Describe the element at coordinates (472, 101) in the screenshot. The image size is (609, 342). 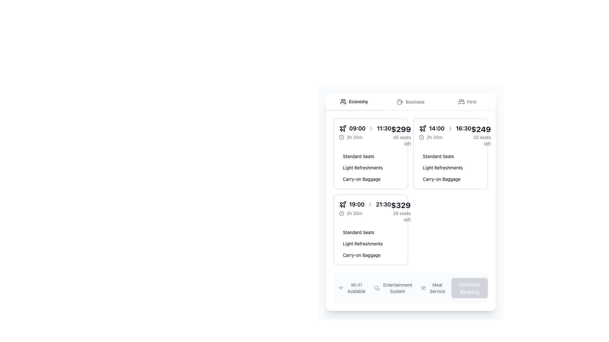
I see `the 'first' text label located in the top-right section of the interface, which is to the right of the bed icon` at that location.